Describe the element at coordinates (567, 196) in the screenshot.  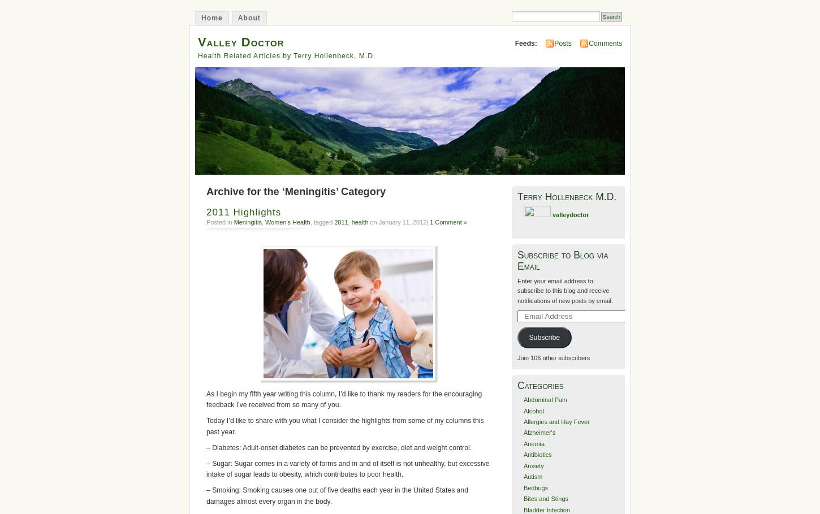
I see `'Terry Hollenbeck M.D.'` at that location.